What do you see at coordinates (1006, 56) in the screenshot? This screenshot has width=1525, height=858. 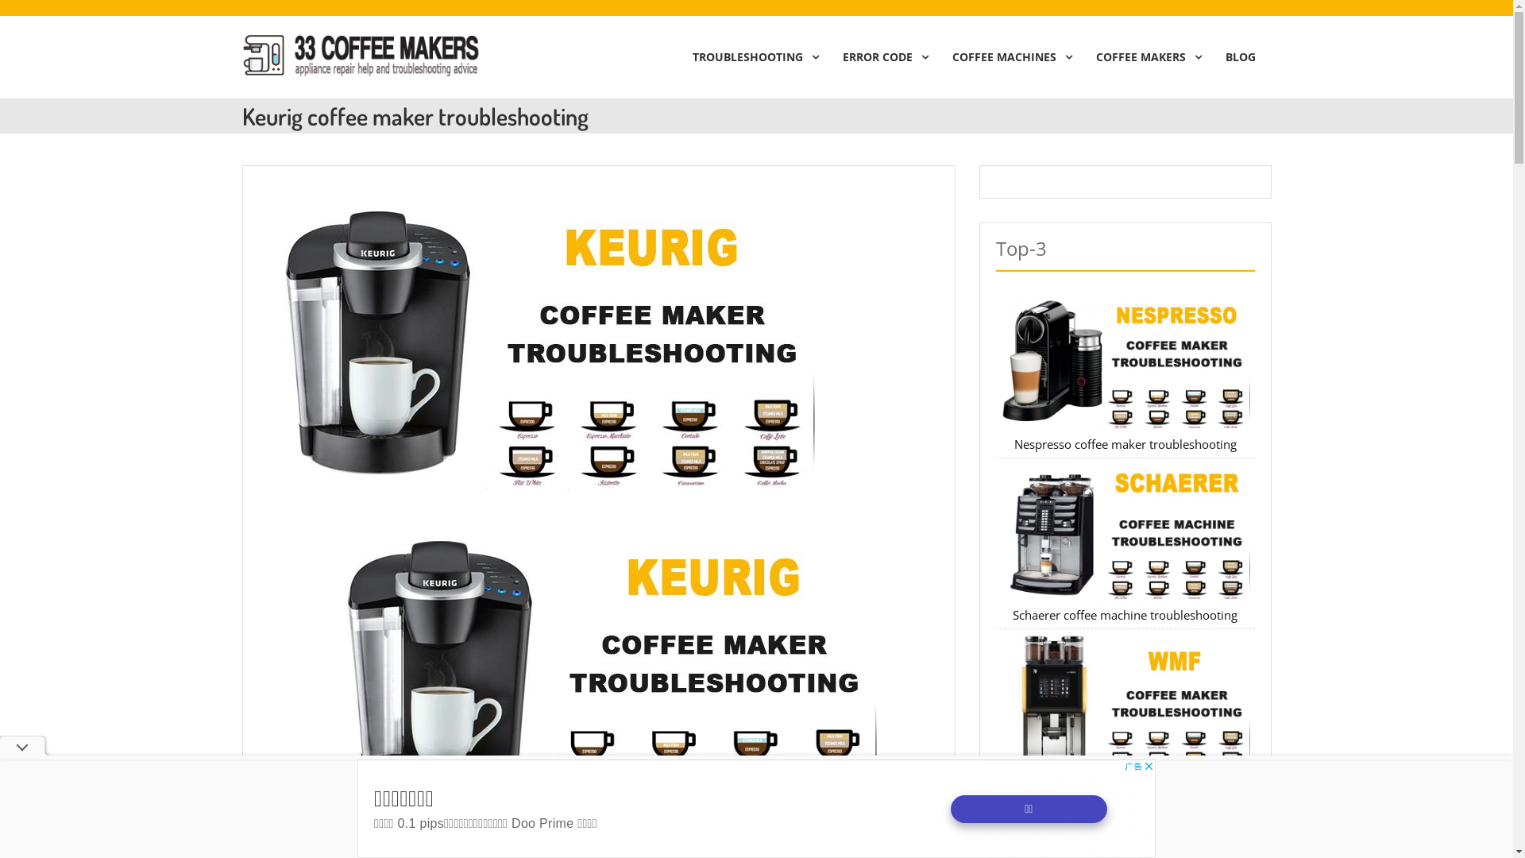 I see `'COFFEE MACHINES'` at bounding box center [1006, 56].